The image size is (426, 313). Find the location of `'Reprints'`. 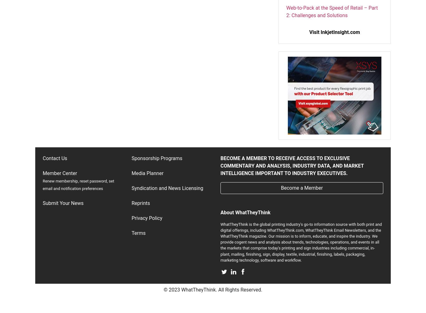

'Reprints' is located at coordinates (140, 202).